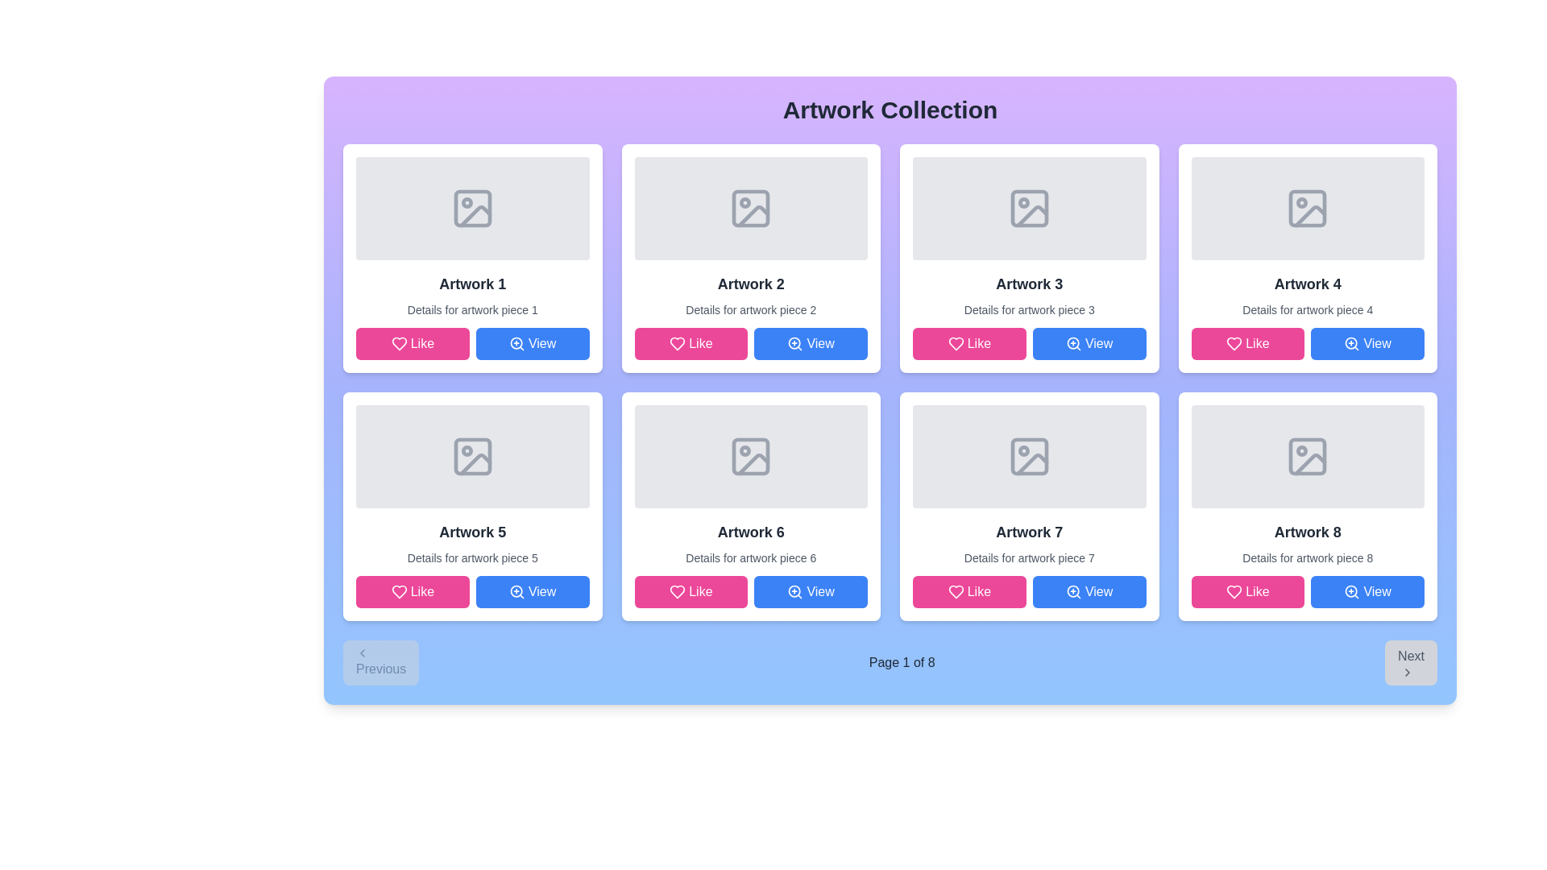 The image size is (1547, 870). I want to click on the heart-shaped icon filled with pink color located within the sixth artwork card to like this artwork, so click(678, 592).